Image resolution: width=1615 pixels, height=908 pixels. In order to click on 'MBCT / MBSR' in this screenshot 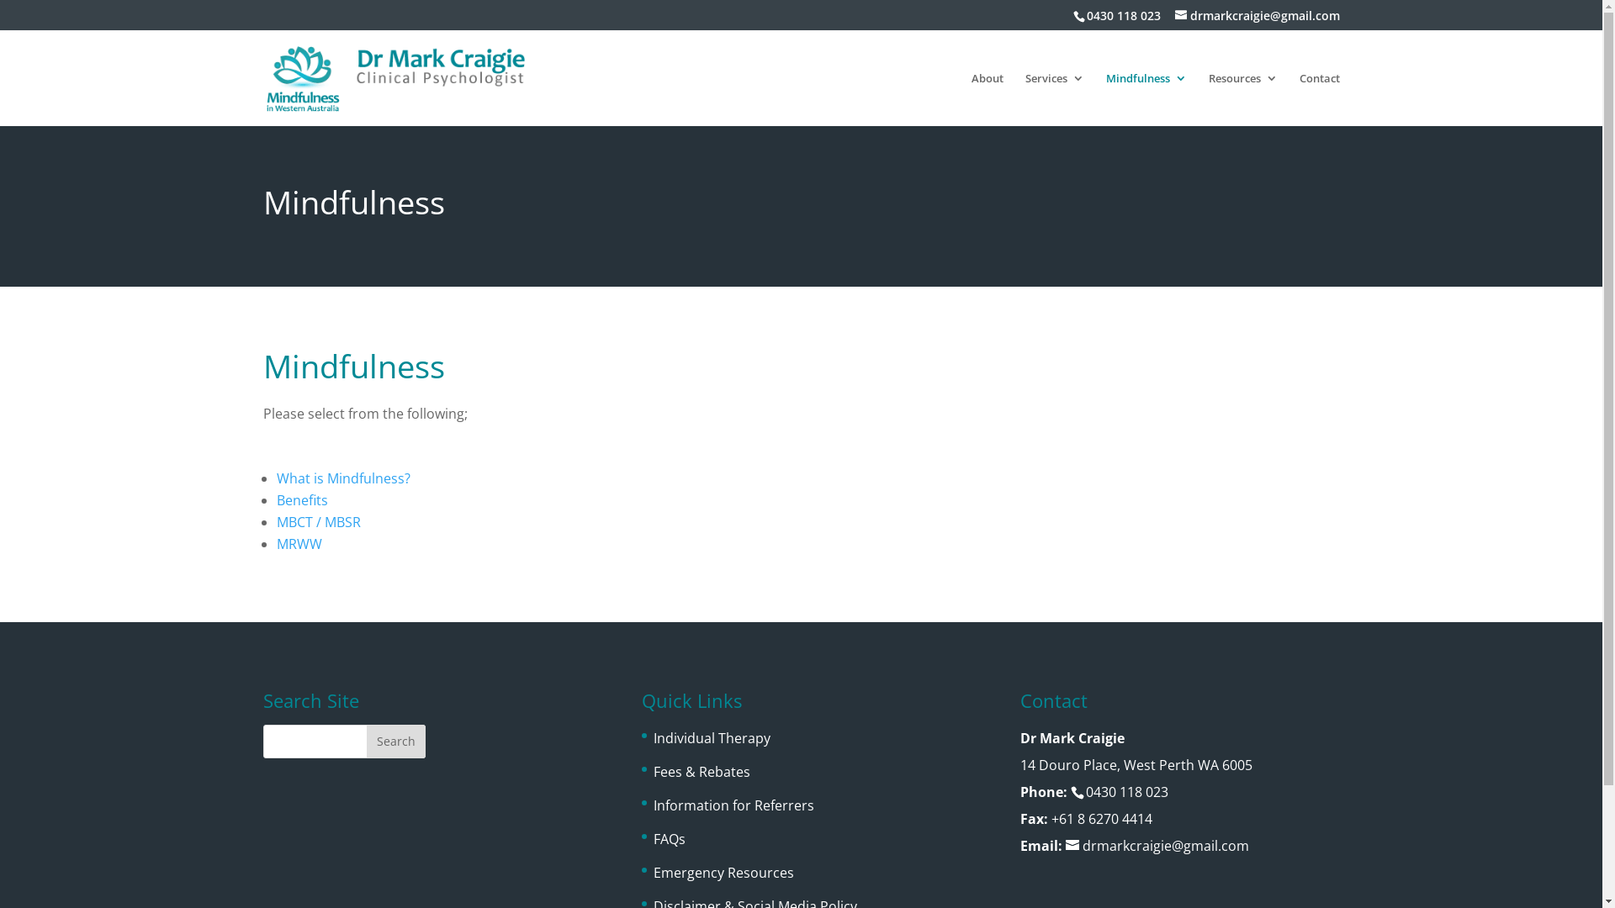, I will do `click(275, 521)`.